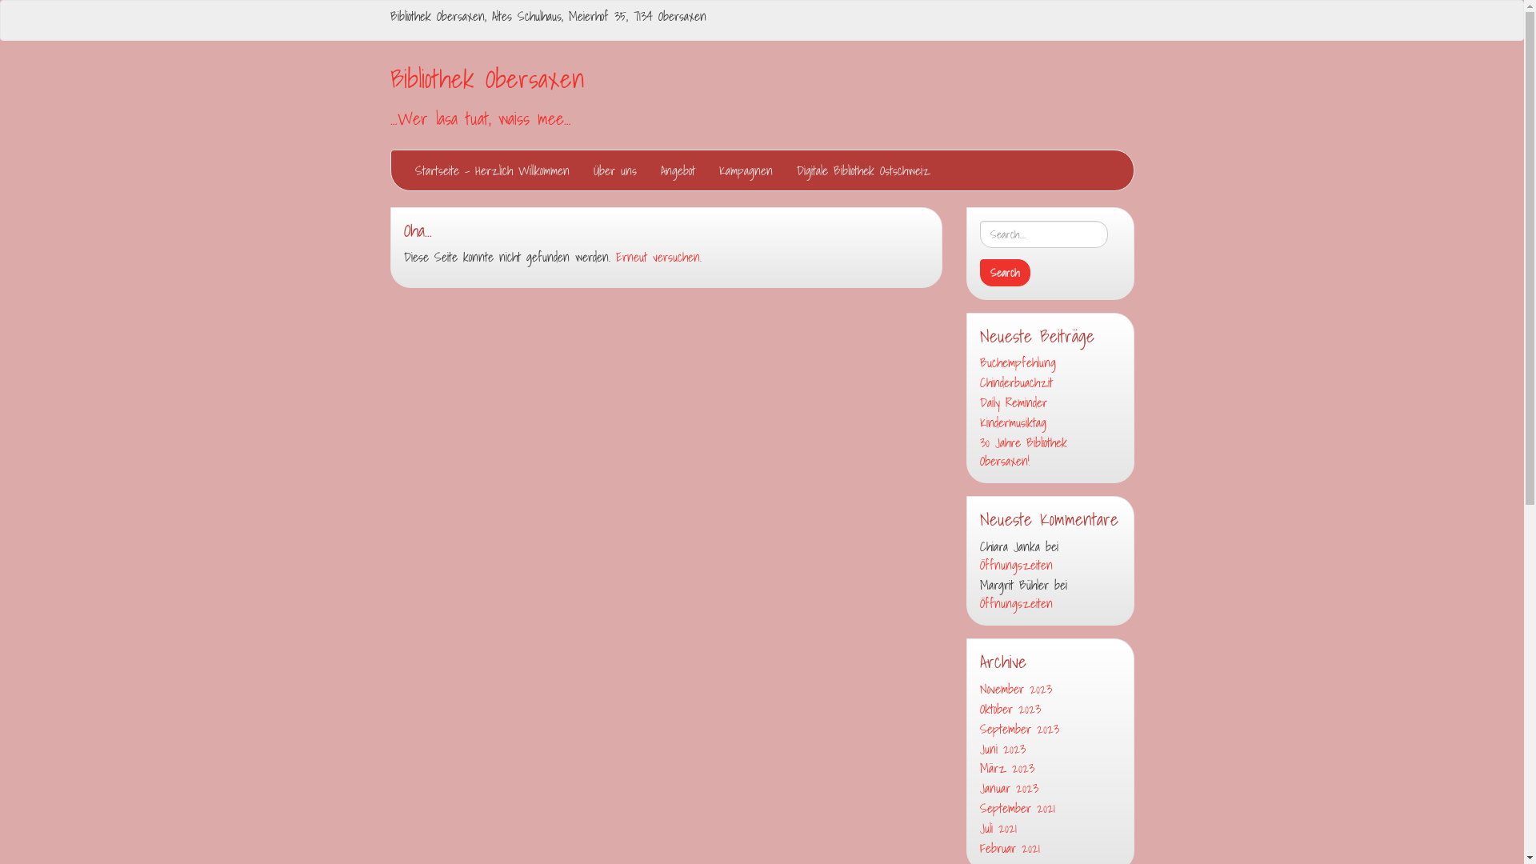 Image resolution: width=1536 pixels, height=864 pixels. Describe the element at coordinates (783, 170) in the screenshot. I see `'Digitale Bibliothek Ostschweiz'` at that location.